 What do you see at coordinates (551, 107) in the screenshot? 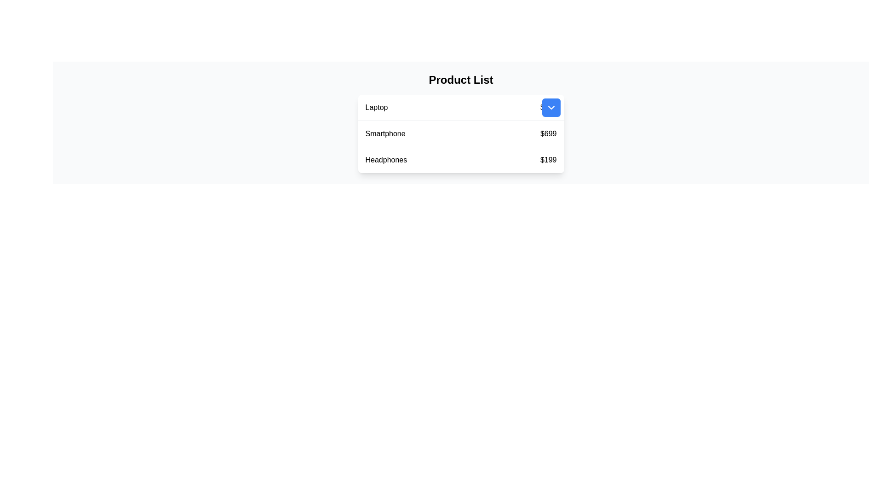
I see `the chevron-down icon located in the top-right corner of the product list table, which is styled with a light blue background and rounded corners` at bounding box center [551, 107].